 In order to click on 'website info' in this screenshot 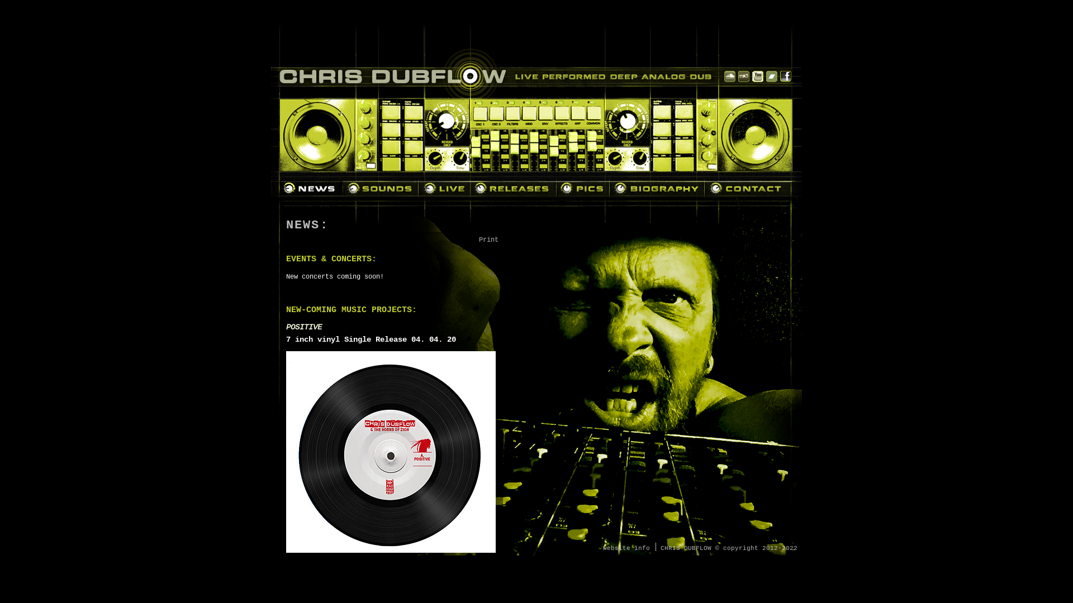, I will do `click(626, 547)`.